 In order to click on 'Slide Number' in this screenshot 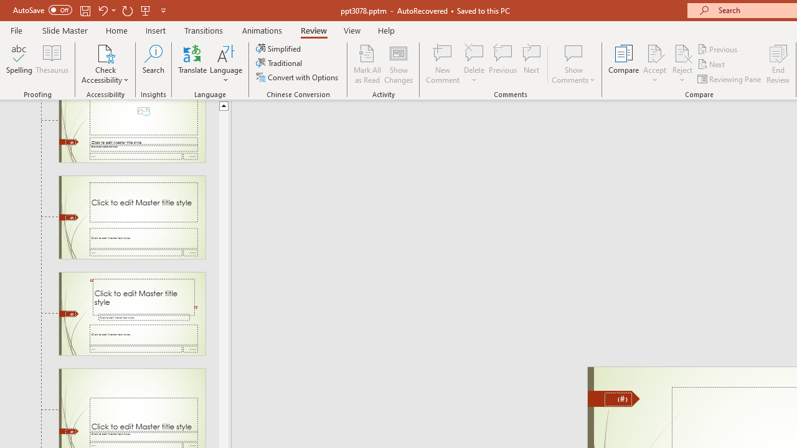, I will do `click(618, 399)`.